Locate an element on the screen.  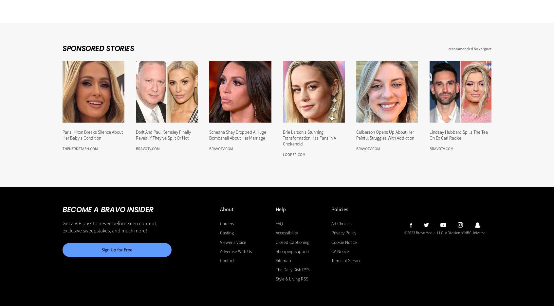
'The Daily Dish RSS' is located at coordinates (292, 269).